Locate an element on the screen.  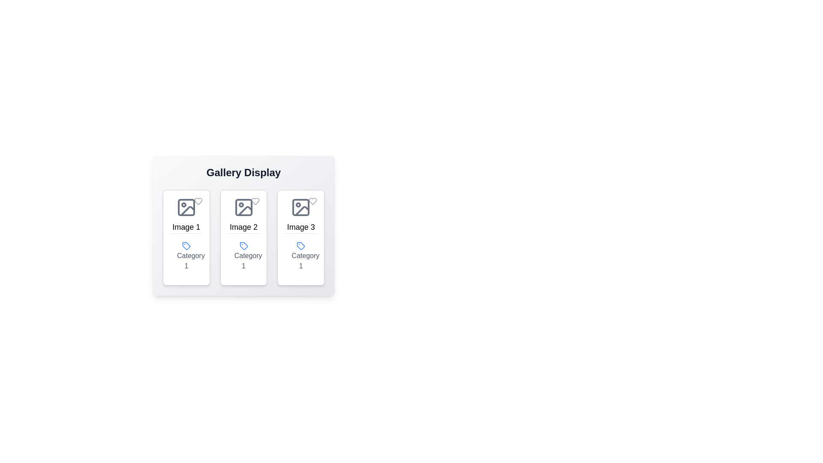
the small blue tag-shaped icon with a thin outline and a central dot, located to the left of the 'Category 1' text in the third column of the 'Gallery Display' section is located at coordinates (301, 246).